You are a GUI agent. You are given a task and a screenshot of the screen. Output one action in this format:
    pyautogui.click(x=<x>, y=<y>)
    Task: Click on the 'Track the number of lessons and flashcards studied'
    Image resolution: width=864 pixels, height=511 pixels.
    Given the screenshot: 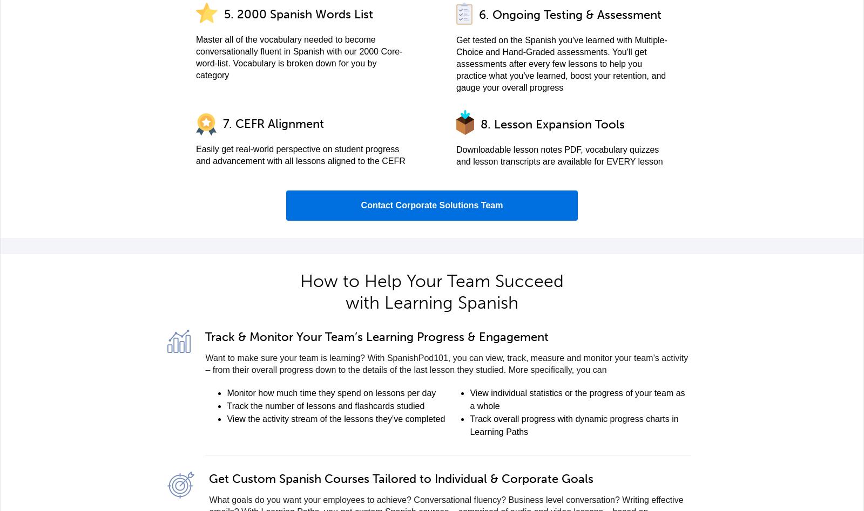 What is the action you would take?
    pyautogui.click(x=326, y=405)
    